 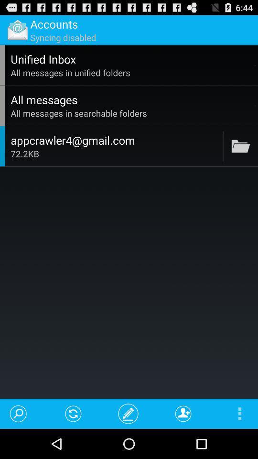 I want to click on 72.2kb icon, so click(x=115, y=153).